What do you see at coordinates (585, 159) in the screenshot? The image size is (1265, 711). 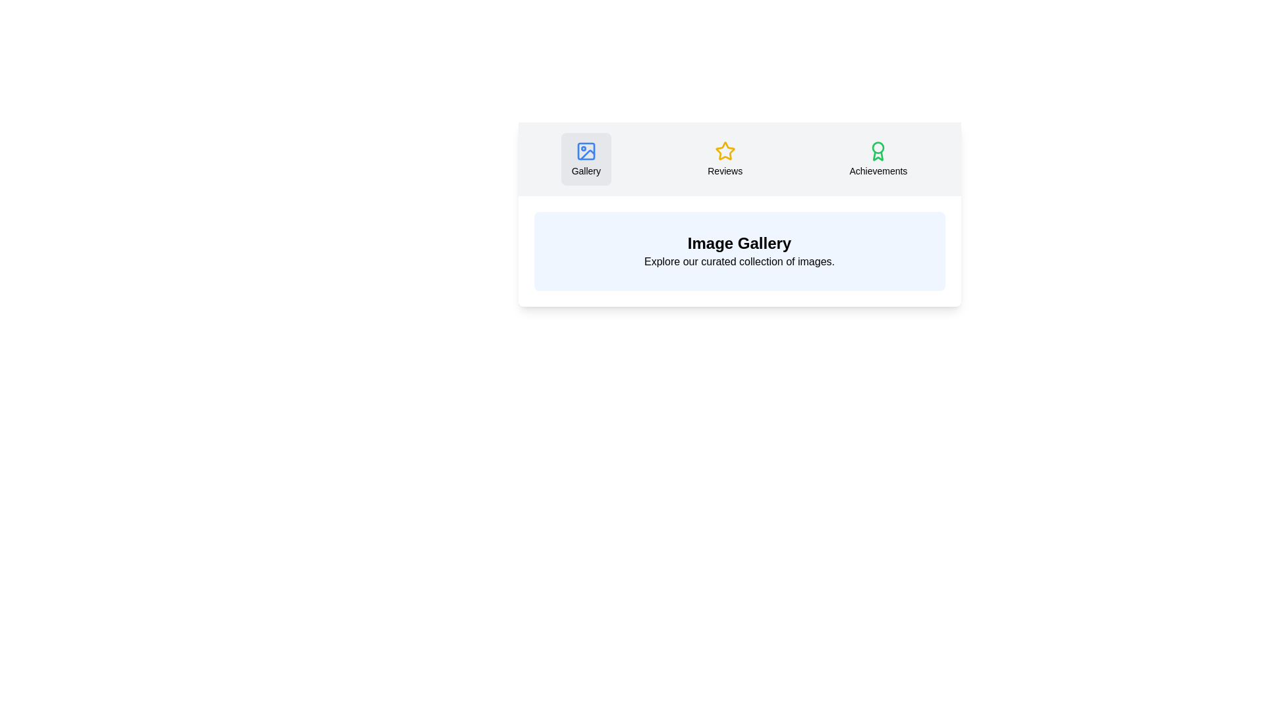 I see `the Gallery tab by clicking on its button` at bounding box center [585, 159].